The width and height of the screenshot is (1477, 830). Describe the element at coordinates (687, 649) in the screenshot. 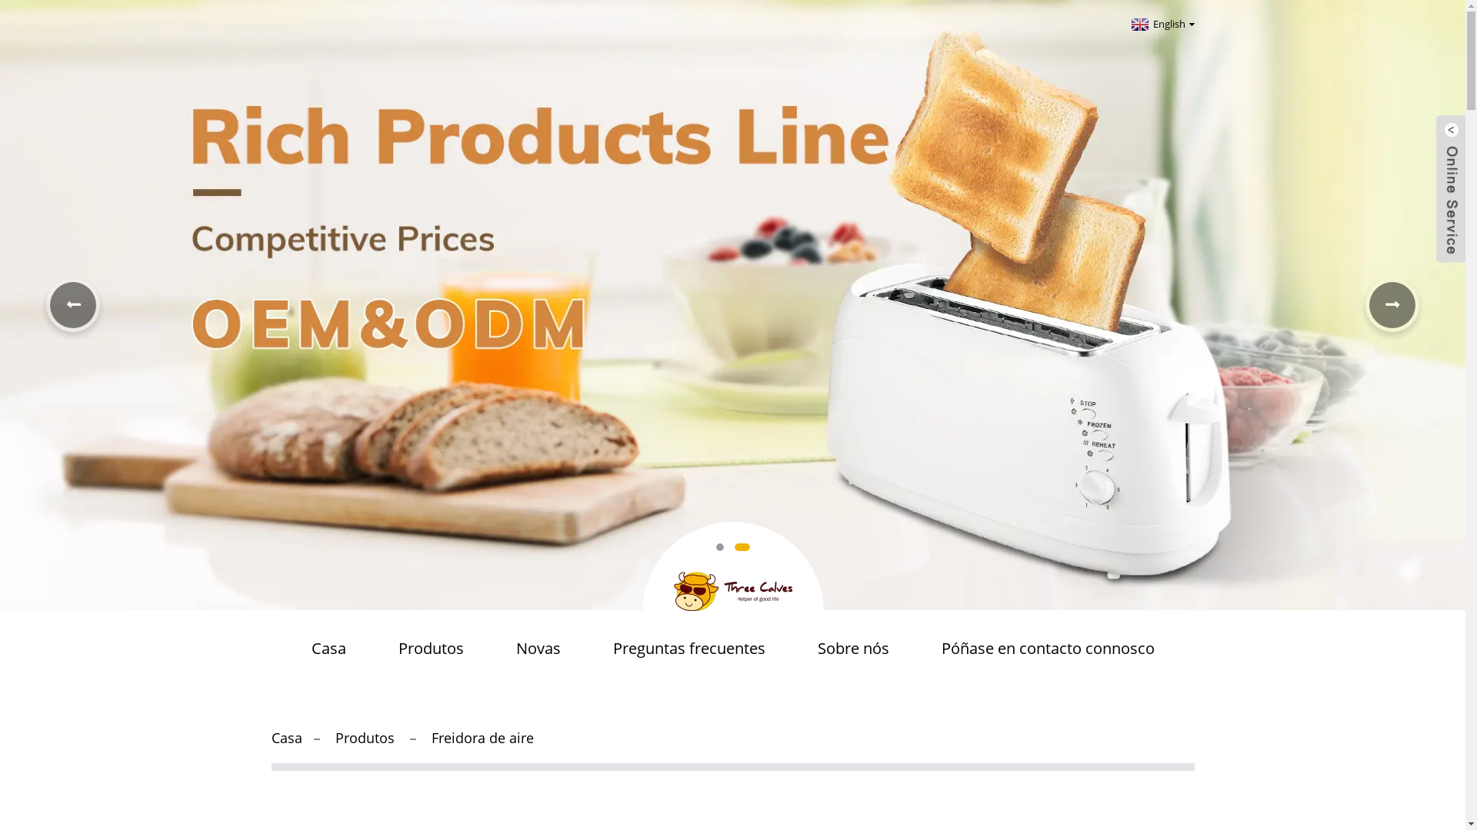

I see `'Preguntas frecuentes'` at that location.